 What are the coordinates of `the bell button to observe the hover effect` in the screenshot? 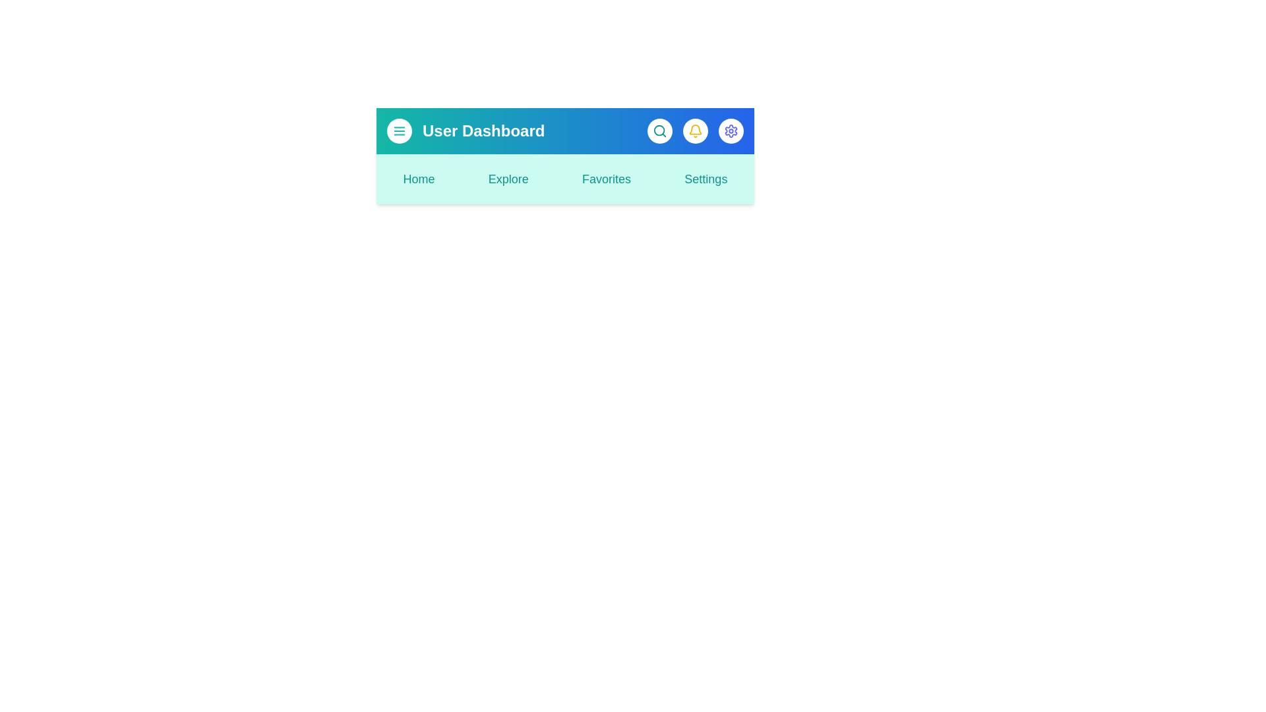 It's located at (695, 131).